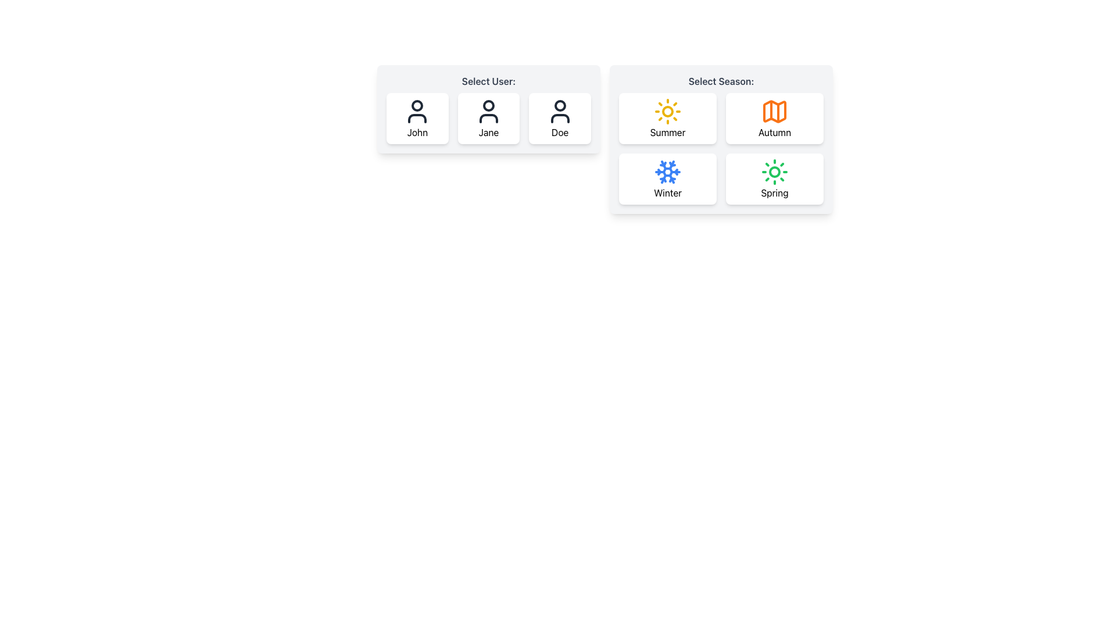  Describe the element at coordinates (488, 80) in the screenshot. I see `the text label that says 'Select User:' which is styled in bold gray font and located at the top of the user selection section` at that location.